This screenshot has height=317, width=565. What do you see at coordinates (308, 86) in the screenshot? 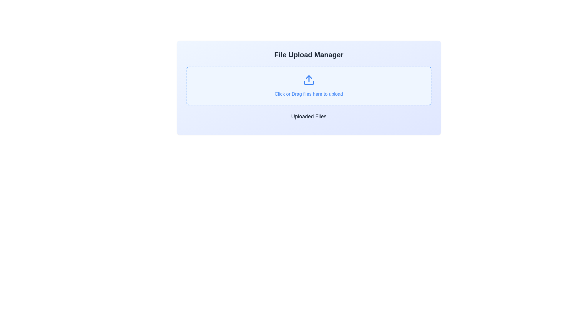
I see `the Interactive file upload zone located beneath the 'File Upload Manager' title and above the 'Uploaded Files' text` at bounding box center [308, 86].